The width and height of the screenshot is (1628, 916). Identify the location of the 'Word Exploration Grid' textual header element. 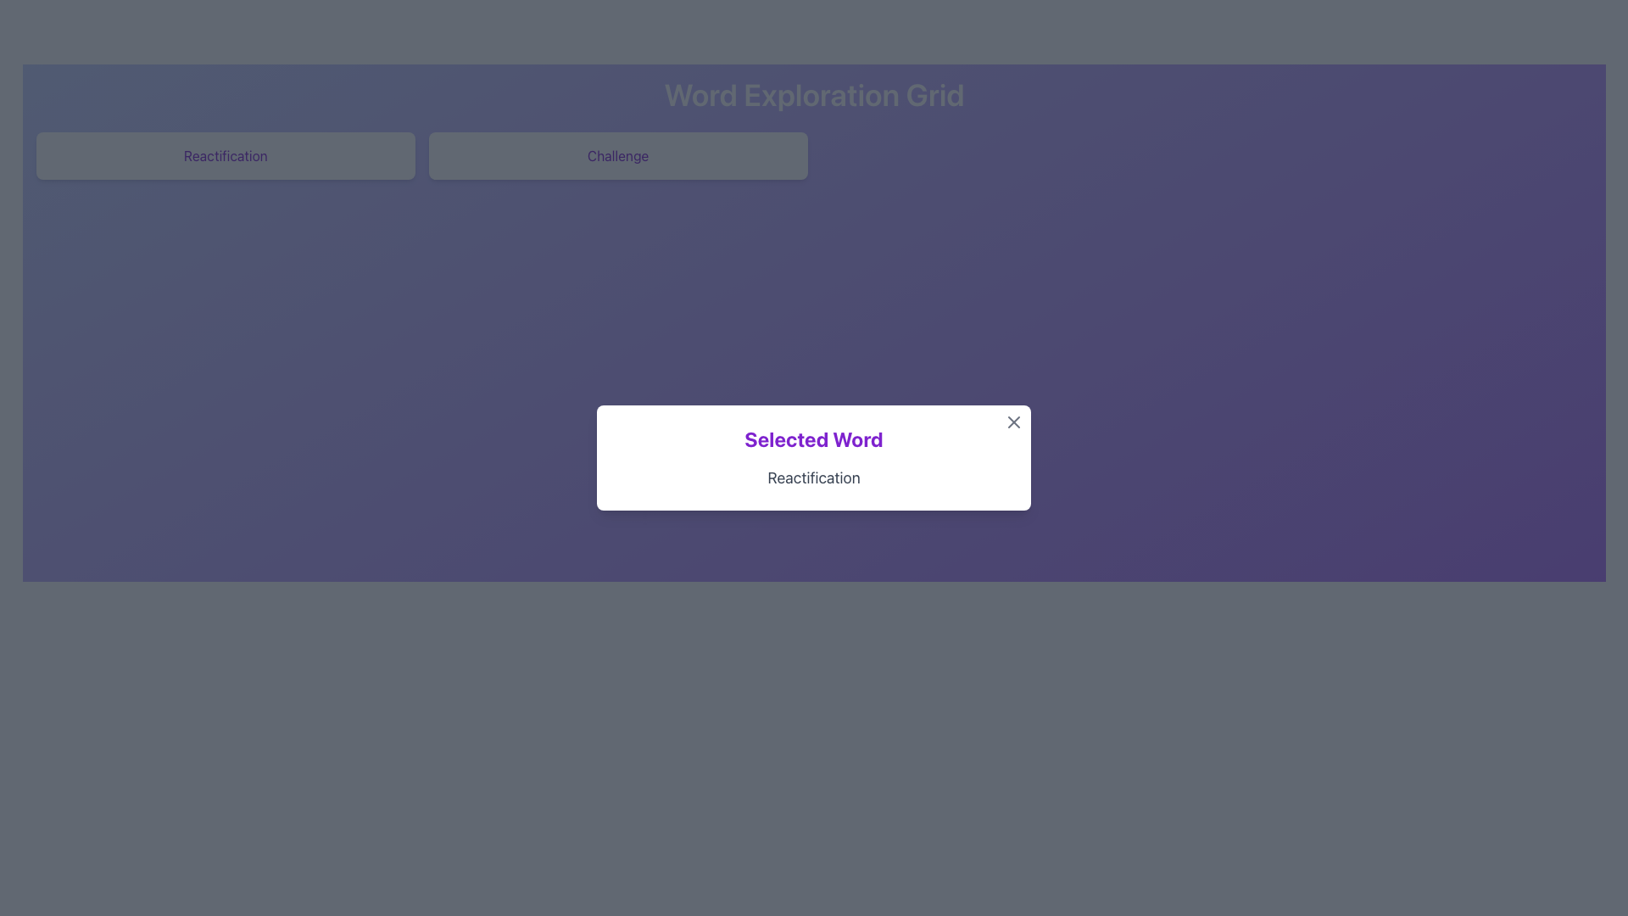
(814, 94).